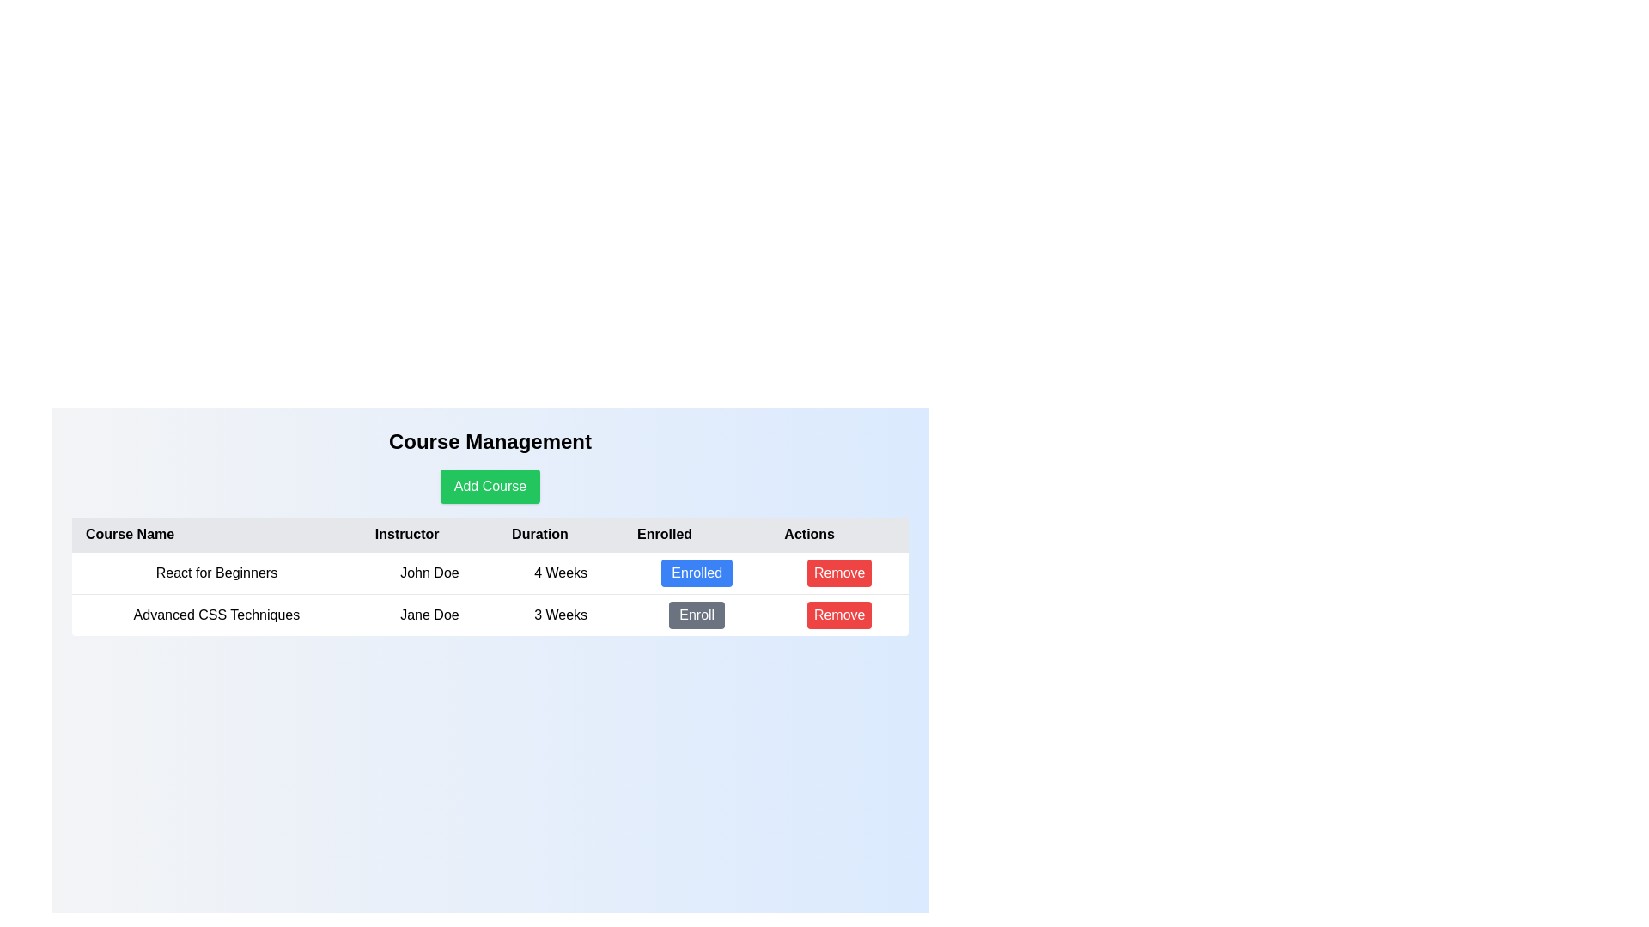  Describe the element at coordinates (429, 573) in the screenshot. I see `the Text label displaying the instructor's name, which is located in the 'Instructor' column of the first row of the table, positioned between 'React for Beginners' and '4 Weeks'` at that location.